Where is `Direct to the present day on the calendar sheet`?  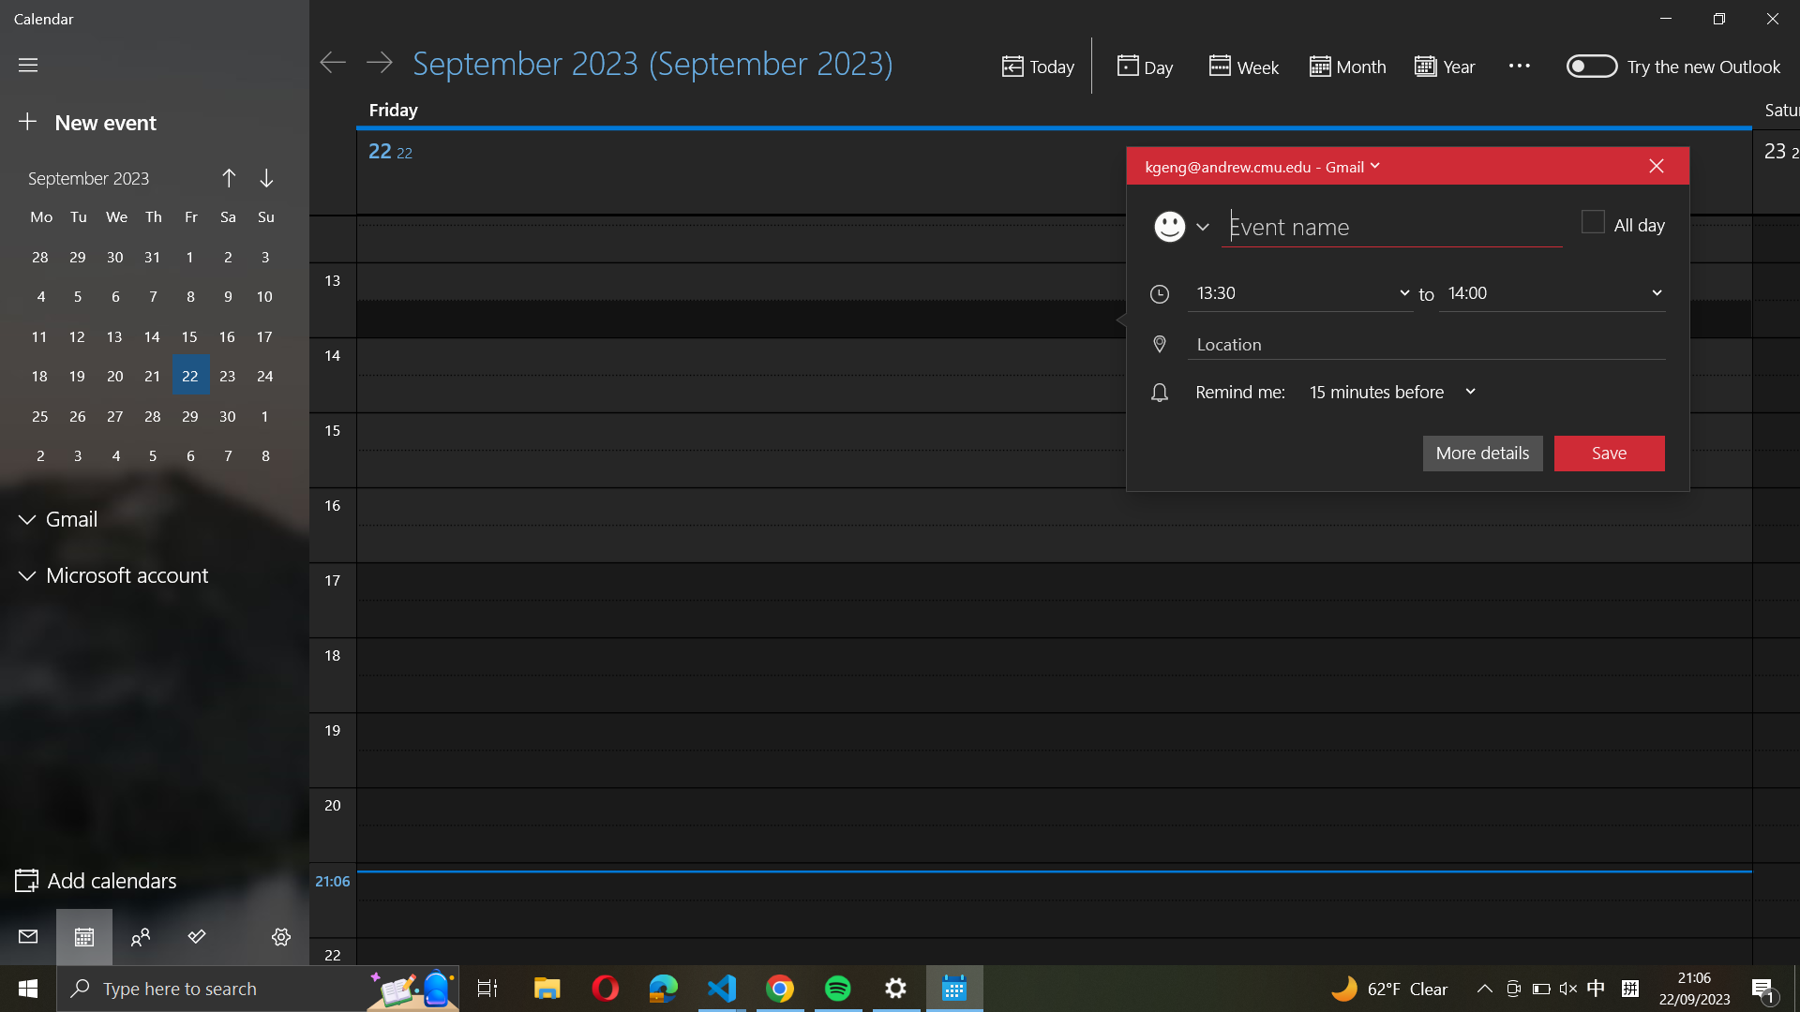 Direct to the present day on the calendar sheet is located at coordinates (1036, 67).